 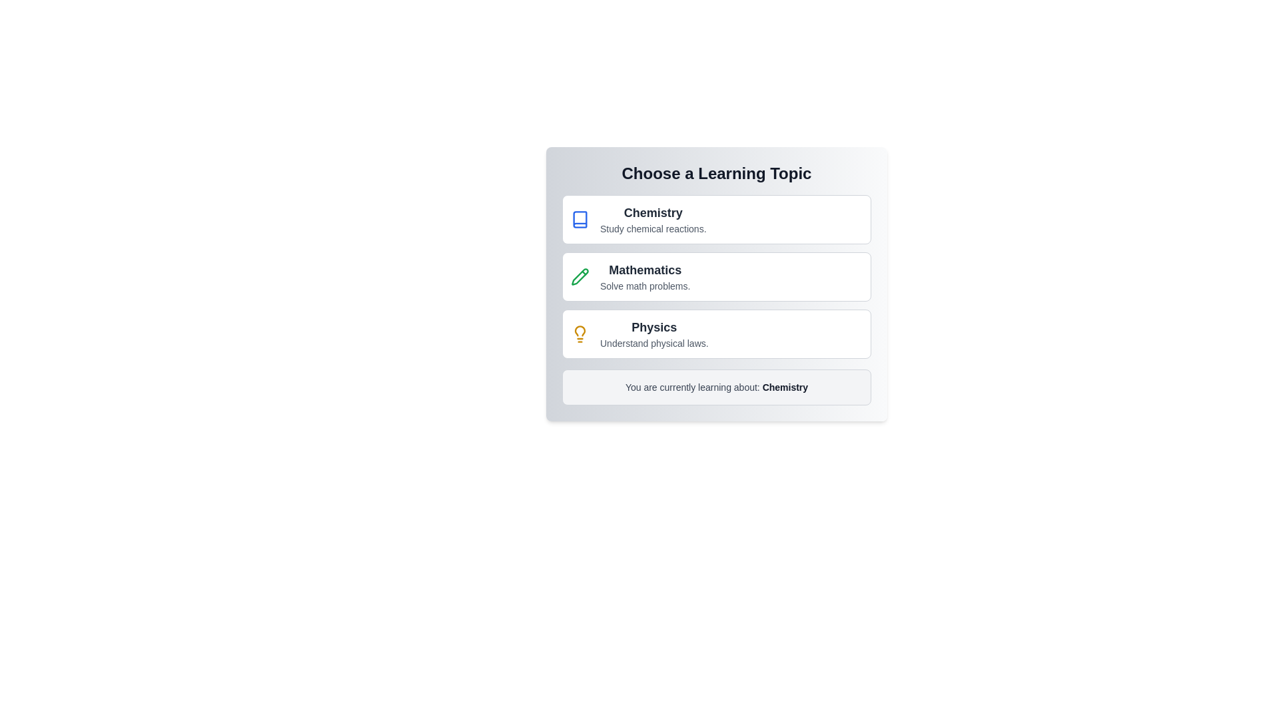 What do you see at coordinates (580, 219) in the screenshot?
I see `the 'Chemistry' topic icon located at the top left side of the first option in the vertical list of learning topics` at bounding box center [580, 219].